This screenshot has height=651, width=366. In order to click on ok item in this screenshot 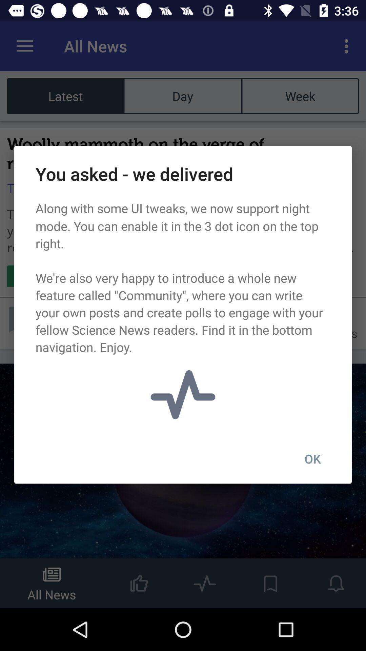, I will do `click(312, 459)`.